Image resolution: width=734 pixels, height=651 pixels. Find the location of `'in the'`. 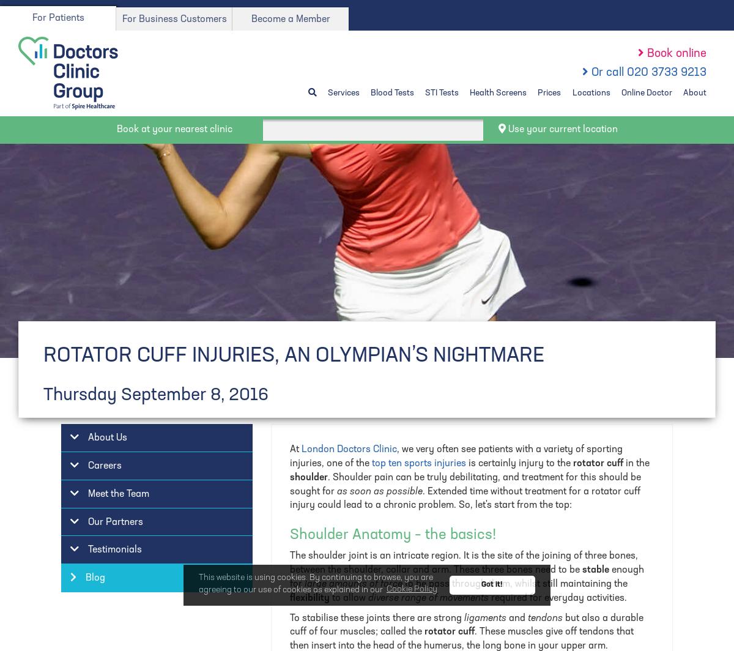

'in the' is located at coordinates (636, 463).